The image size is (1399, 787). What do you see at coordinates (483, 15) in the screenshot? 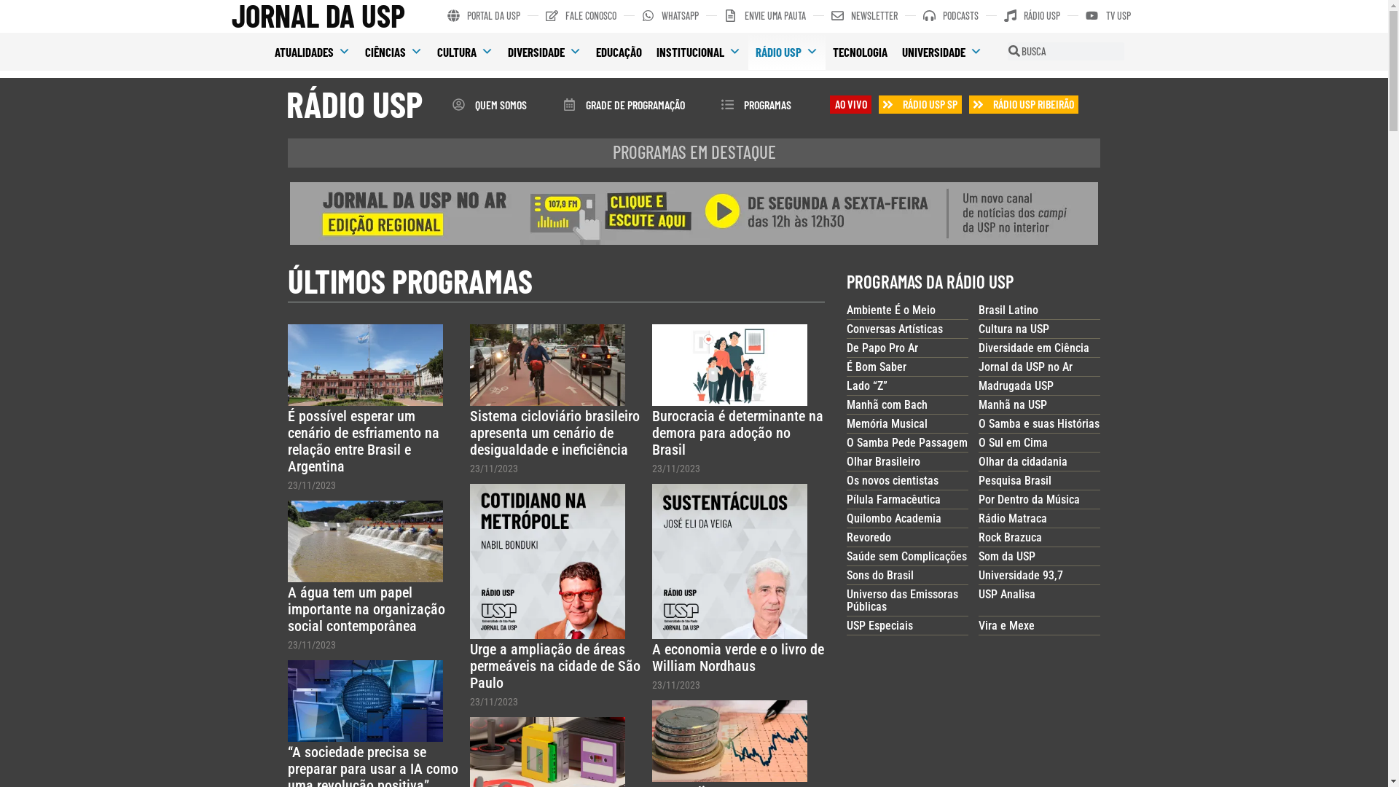
I see `'PORTAL DA USP'` at bounding box center [483, 15].